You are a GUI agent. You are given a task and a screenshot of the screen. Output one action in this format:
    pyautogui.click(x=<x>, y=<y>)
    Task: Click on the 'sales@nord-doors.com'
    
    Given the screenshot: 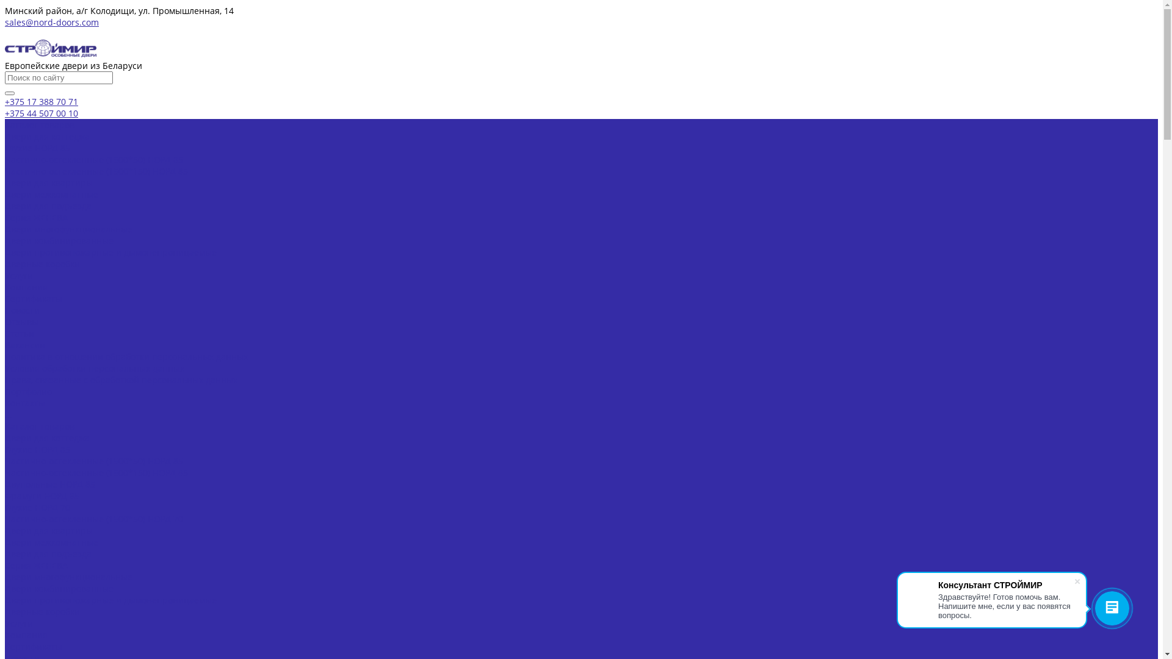 What is the action you would take?
    pyautogui.click(x=51, y=22)
    